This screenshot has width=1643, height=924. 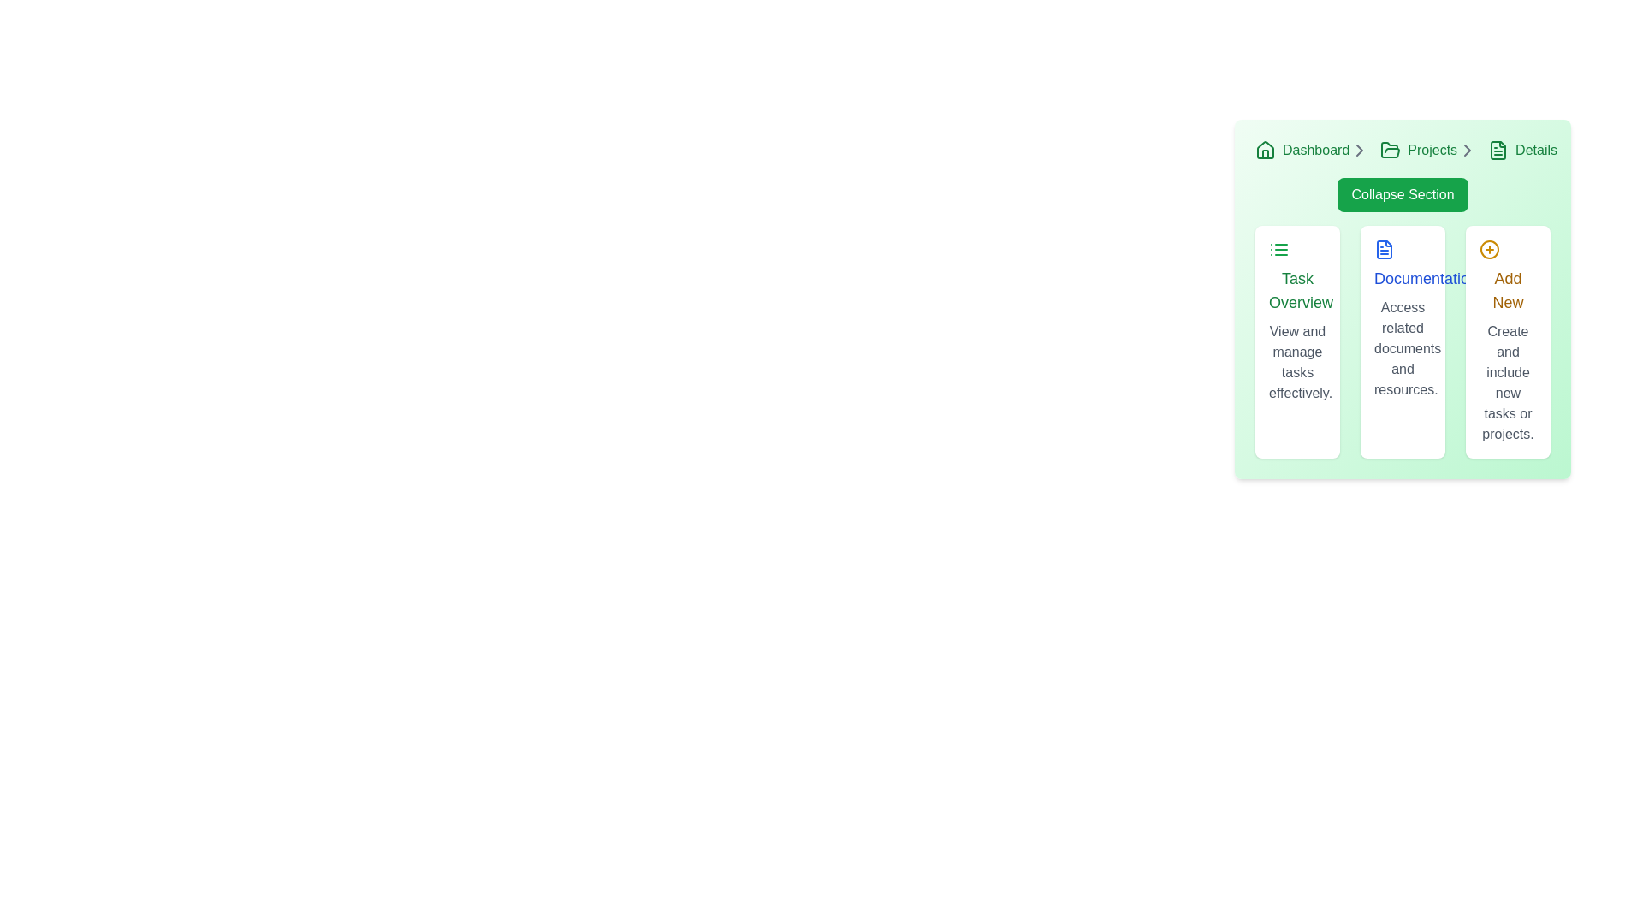 I want to click on the 'Projects' hyperlink, so click(x=1418, y=150).